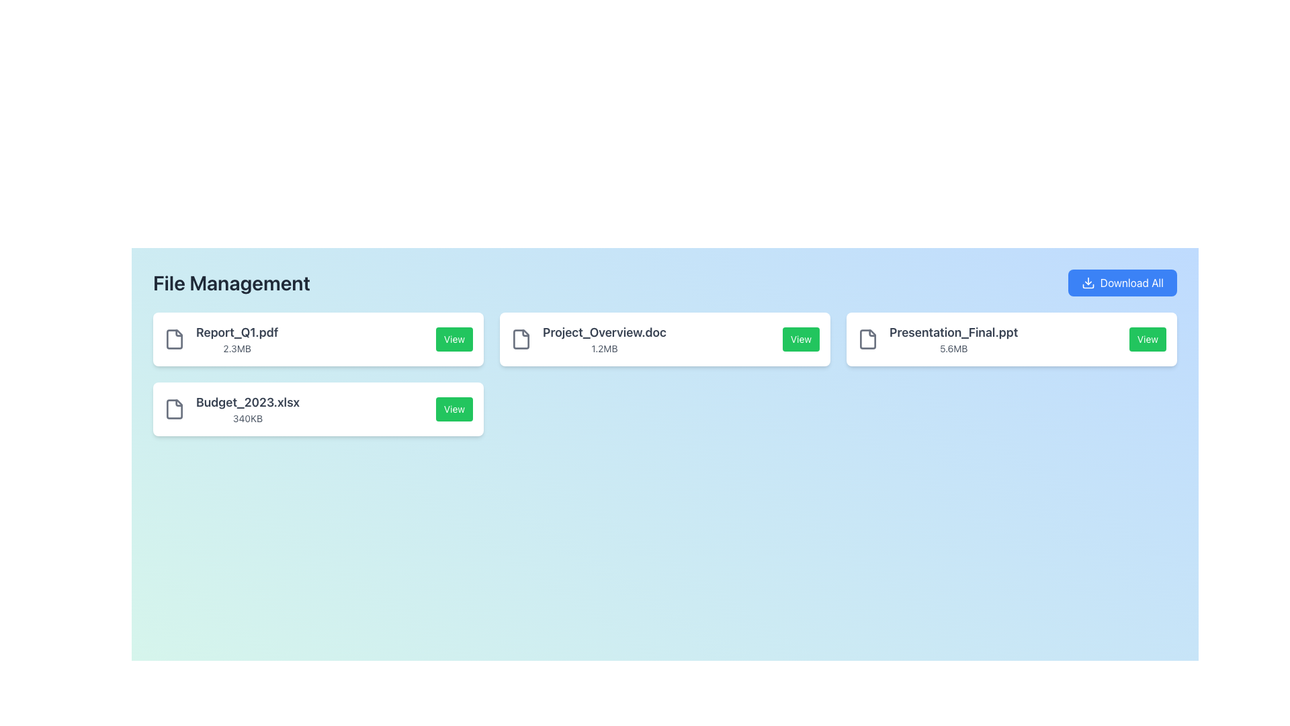 This screenshot has width=1290, height=726. I want to click on the text label indicating the name of the file 'Report_Q1.pdf', so click(237, 332).